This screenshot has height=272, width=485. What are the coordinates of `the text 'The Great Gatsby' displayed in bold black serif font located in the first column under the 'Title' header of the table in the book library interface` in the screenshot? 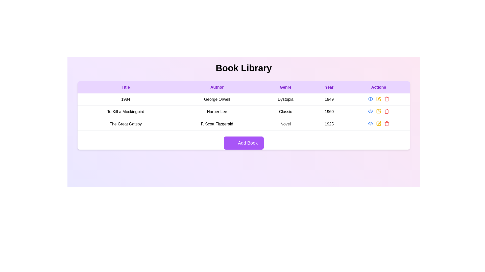 It's located at (126, 124).